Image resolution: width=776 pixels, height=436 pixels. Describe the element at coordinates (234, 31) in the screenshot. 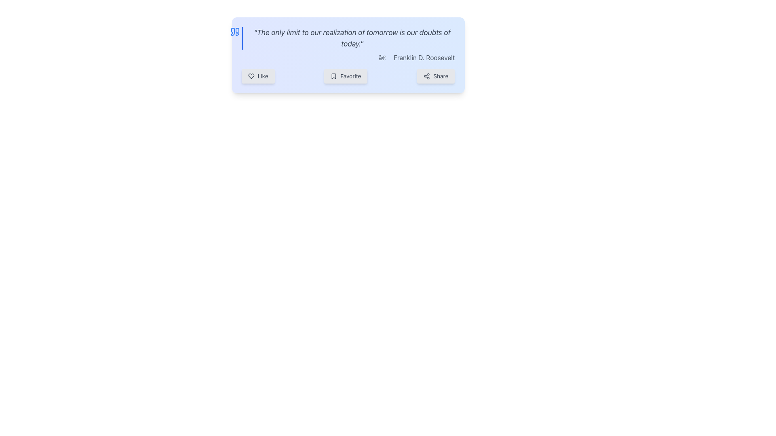

I see `the blue quote icon positioned to the left of the quote text block, which contains the text 'The only limit to our realization of tomorrow is our doubts of today.'` at that location.